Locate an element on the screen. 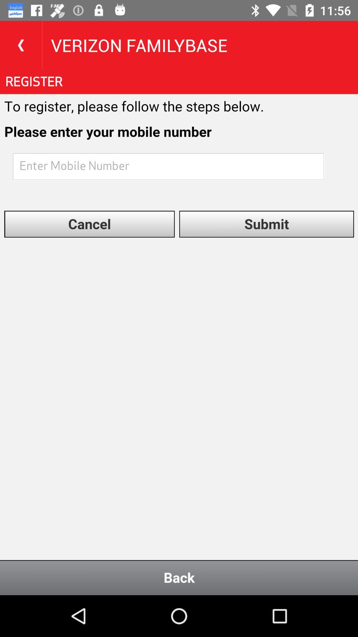 The height and width of the screenshot is (637, 358). register page is located at coordinates (179, 332).